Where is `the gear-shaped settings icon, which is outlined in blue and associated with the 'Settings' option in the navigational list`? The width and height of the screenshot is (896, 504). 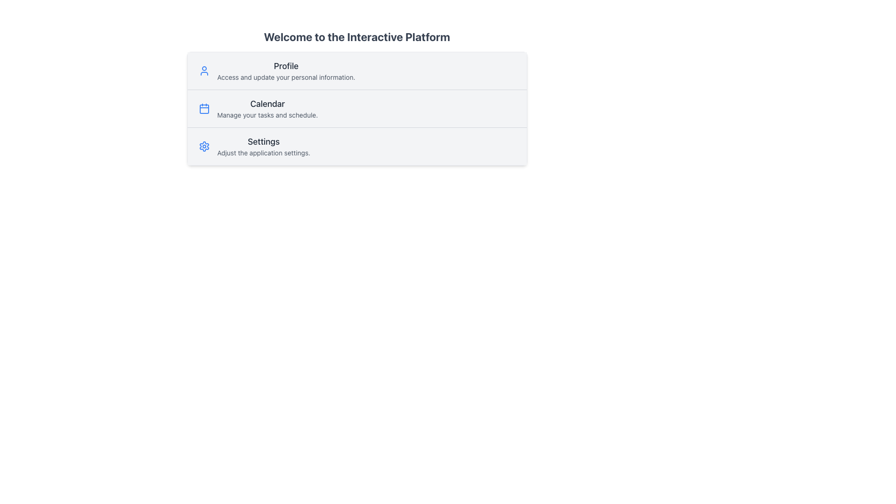
the gear-shaped settings icon, which is outlined in blue and associated with the 'Settings' option in the navigational list is located at coordinates (203, 146).